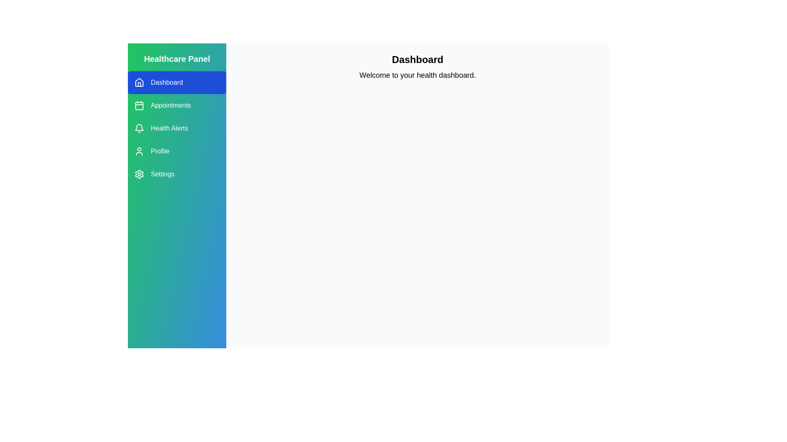  What do you see at coordinates (417, 75) in the screenshot?
I see `the text label that reads 'Welcome to your health dashboard.' positioned directly below the title 'Dashboard.'` at bounding box center [417, 75].